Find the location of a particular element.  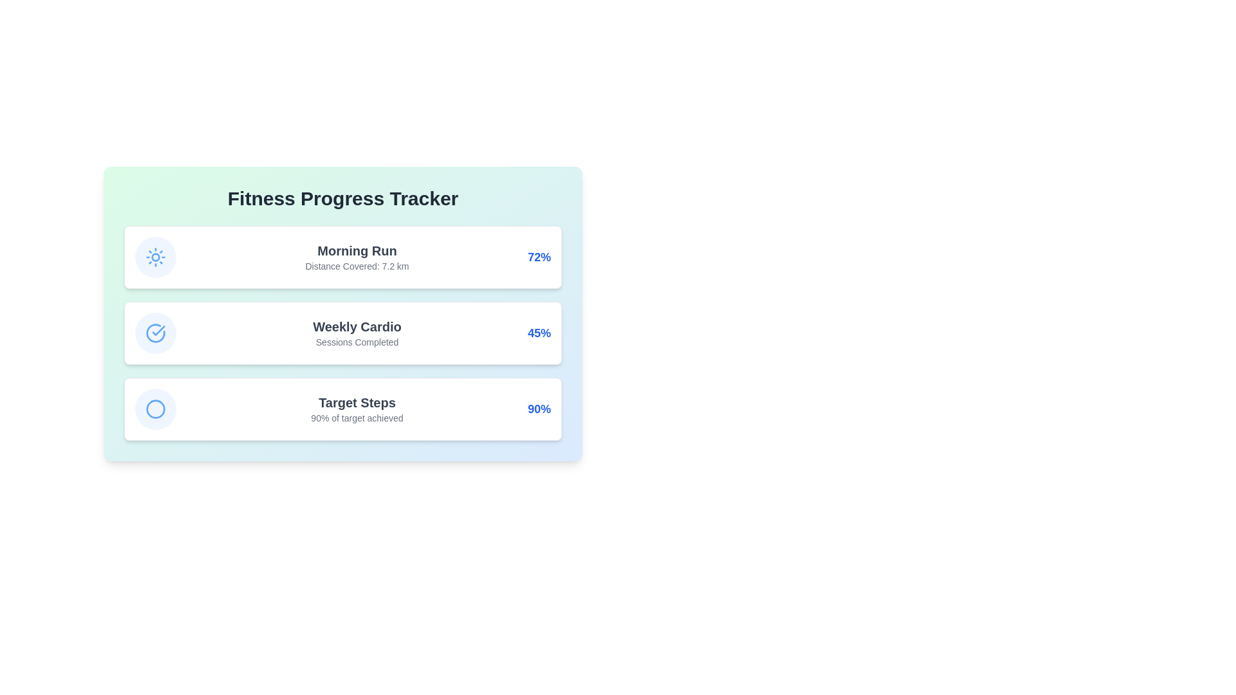

the sun icon which is a blue circular icon with radial lines, located on the left side of the first item in the vertically arranged list of progress trackers within the 'Fitness Progress Tracker' panel is located at coordinates (154, 257).